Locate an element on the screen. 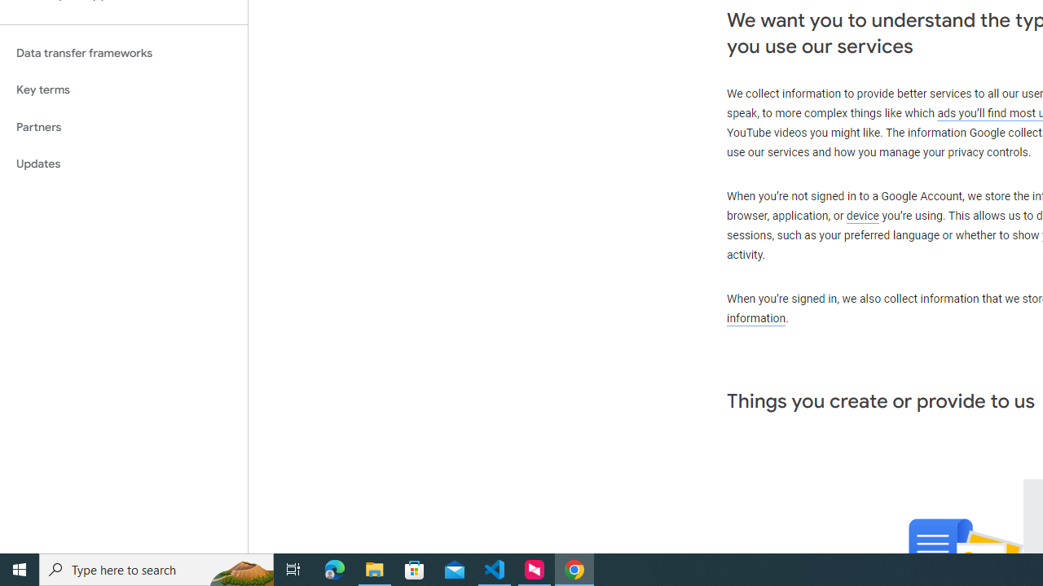 The image size is (1043, 586). 'Key terms' is located at coordinates (123, 90).